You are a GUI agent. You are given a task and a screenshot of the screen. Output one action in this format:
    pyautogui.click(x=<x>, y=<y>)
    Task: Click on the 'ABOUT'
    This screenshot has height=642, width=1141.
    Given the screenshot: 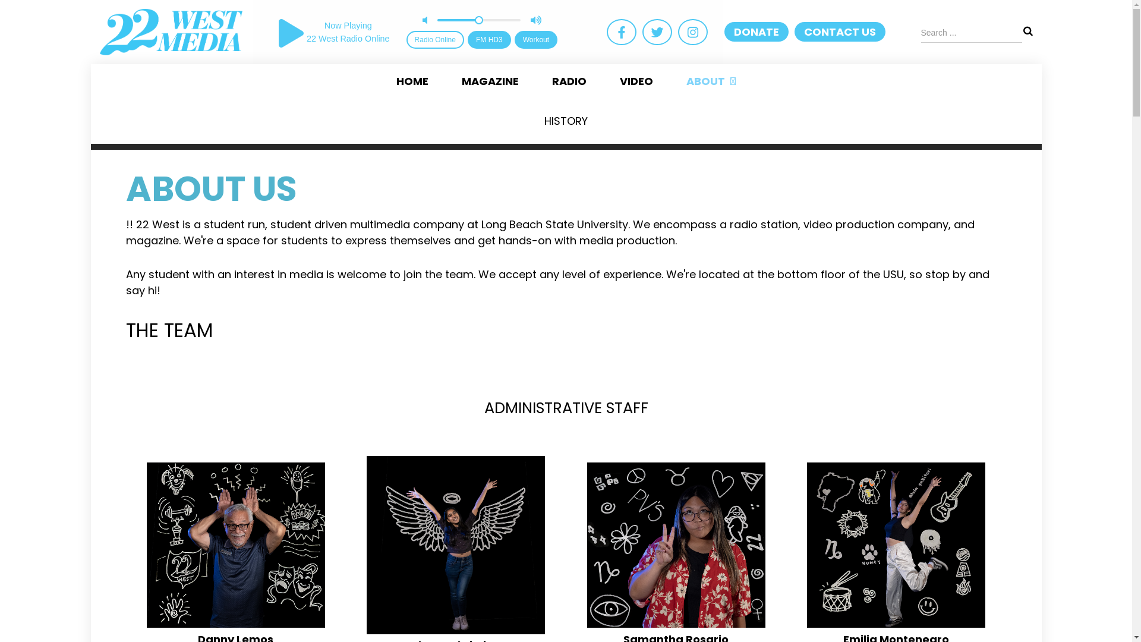 What is the action you would take?
    pyautogui.click(x=670, y=81)
    